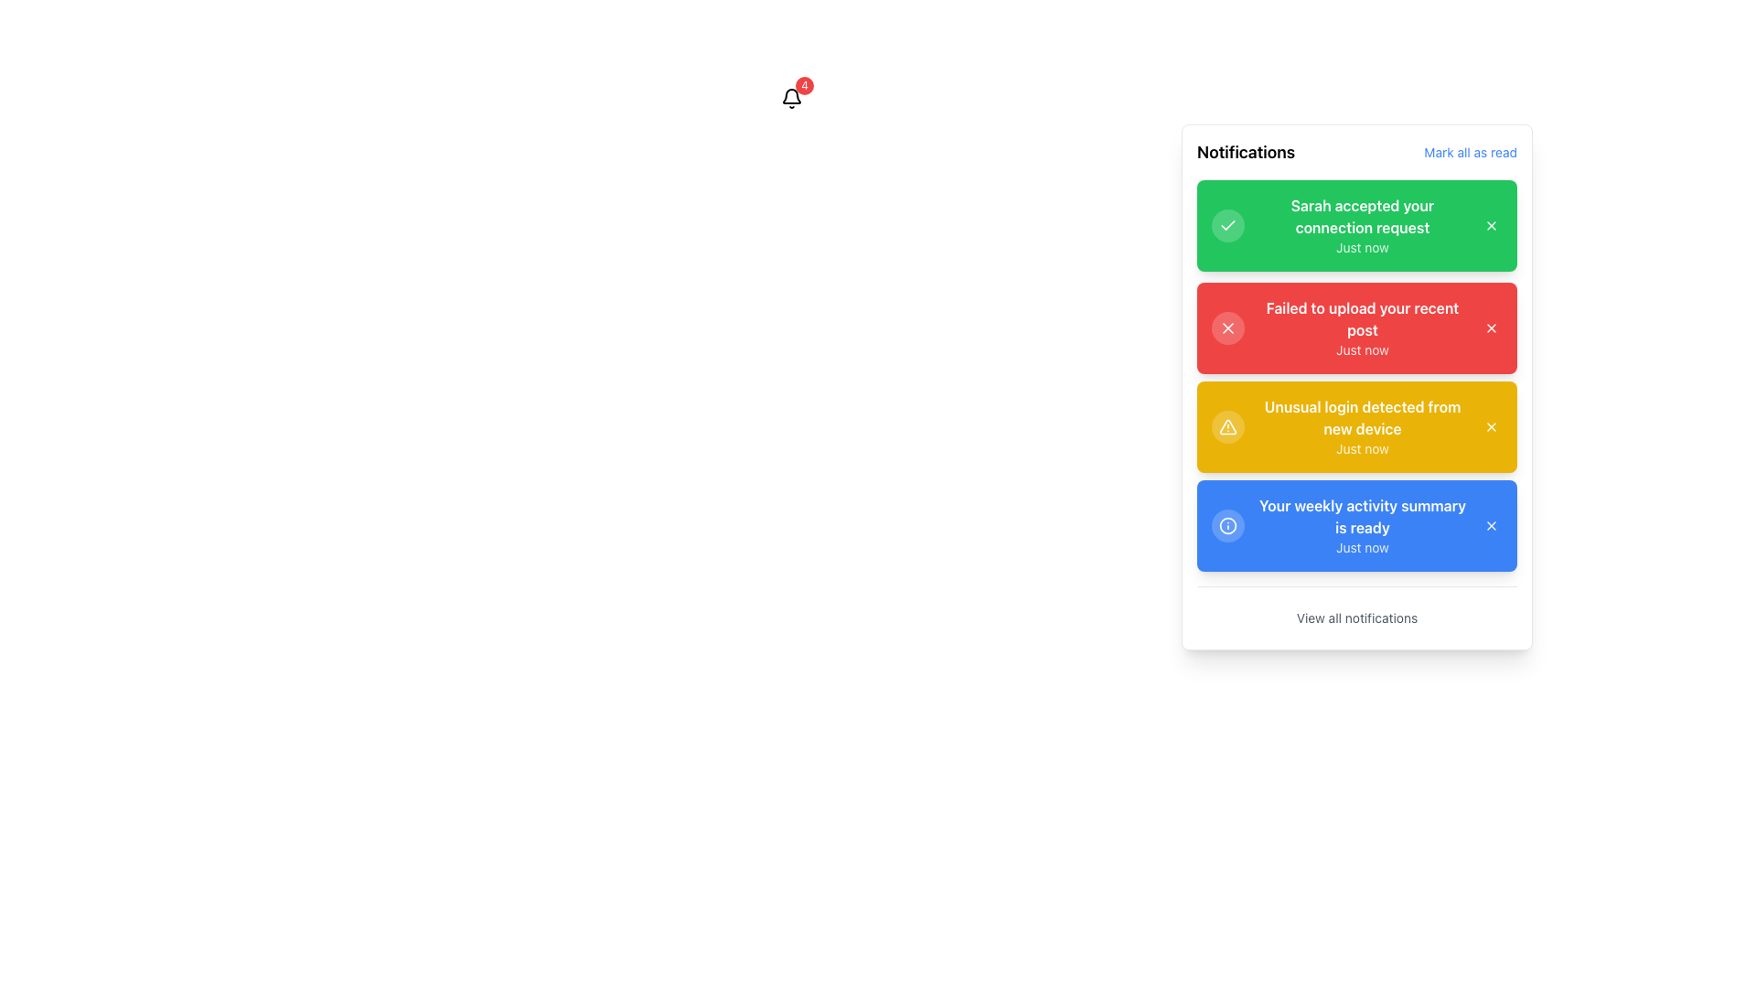  What do you see at coordinates (1356, 525) in the screenshot?
I see `the fourth notification card in the vertically stacked list` at bounding box center [1356, 525].